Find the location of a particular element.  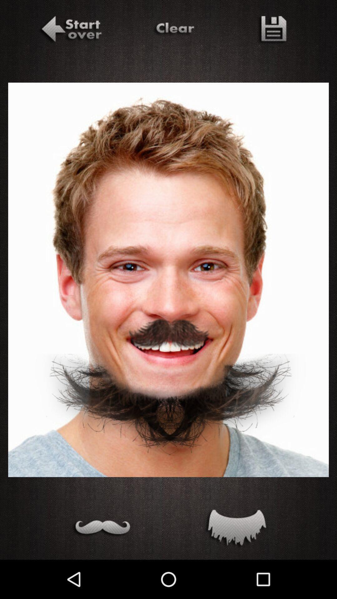

start over is located at coordinates (70, 30).